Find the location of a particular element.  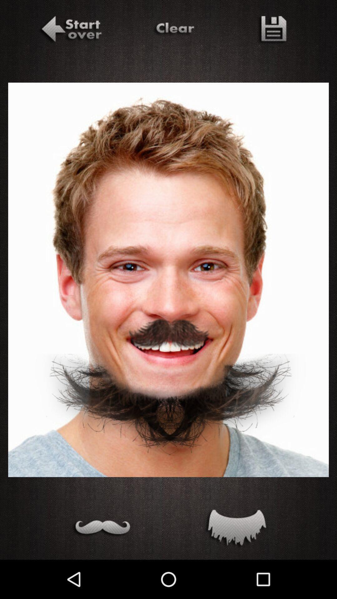

start over is located at coordinates (70, 30).